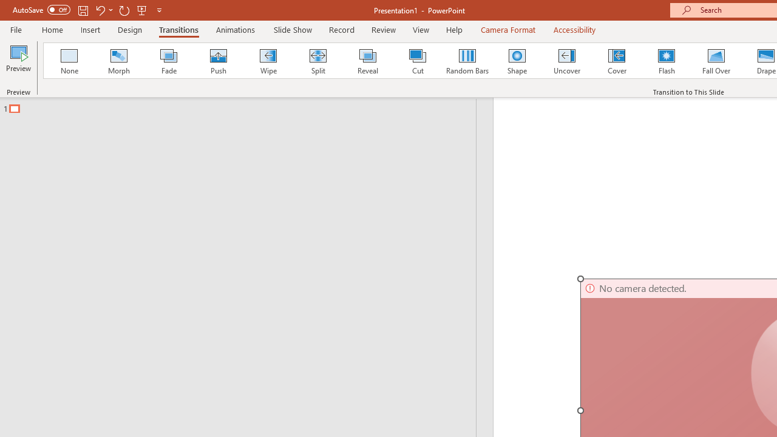 Image resolution: width=777 pixels, height=437 pixels. Describe the element at coordinates (168, 61) in the screenshot. I see `'Fade'` at that location.